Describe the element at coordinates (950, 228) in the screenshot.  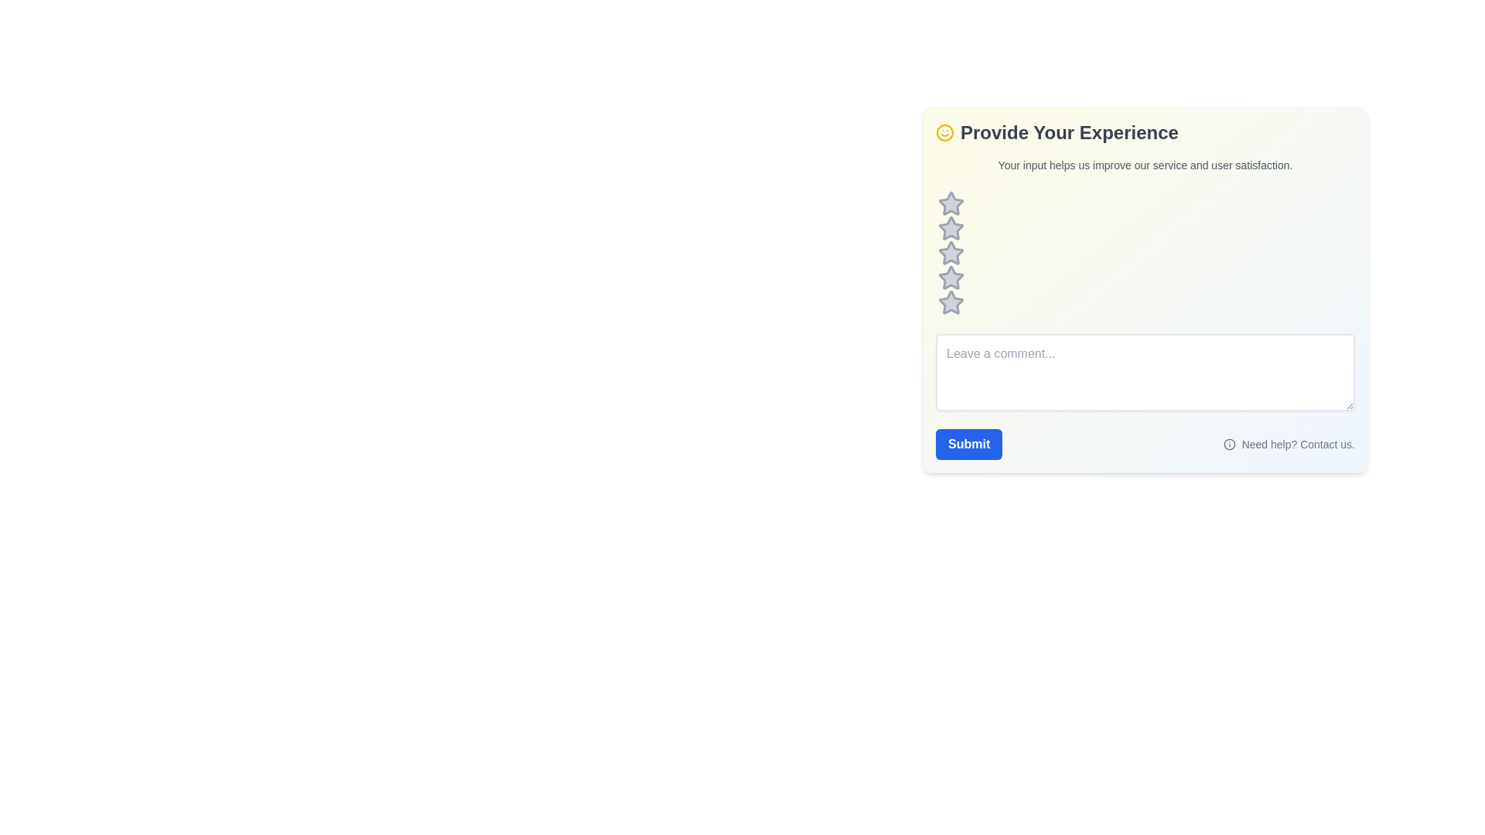
I see `the second star` at that location.